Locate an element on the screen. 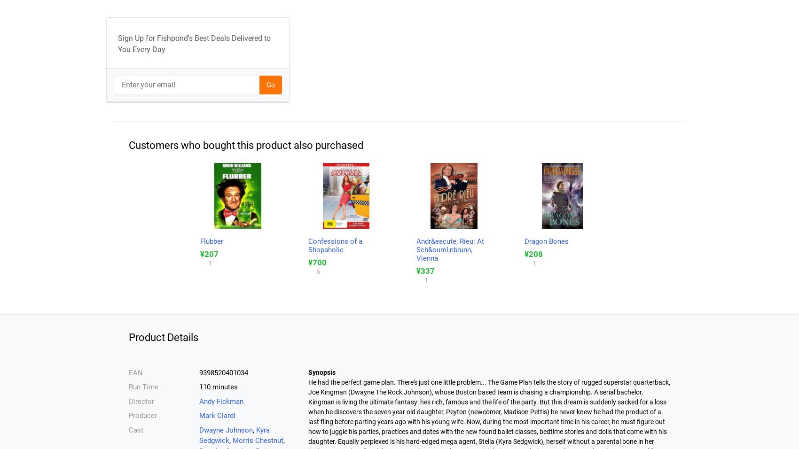 Image resolution: width=799 pixels, height=449 pixels. 'Andy Fickman' is located at coordinates (198, 401).